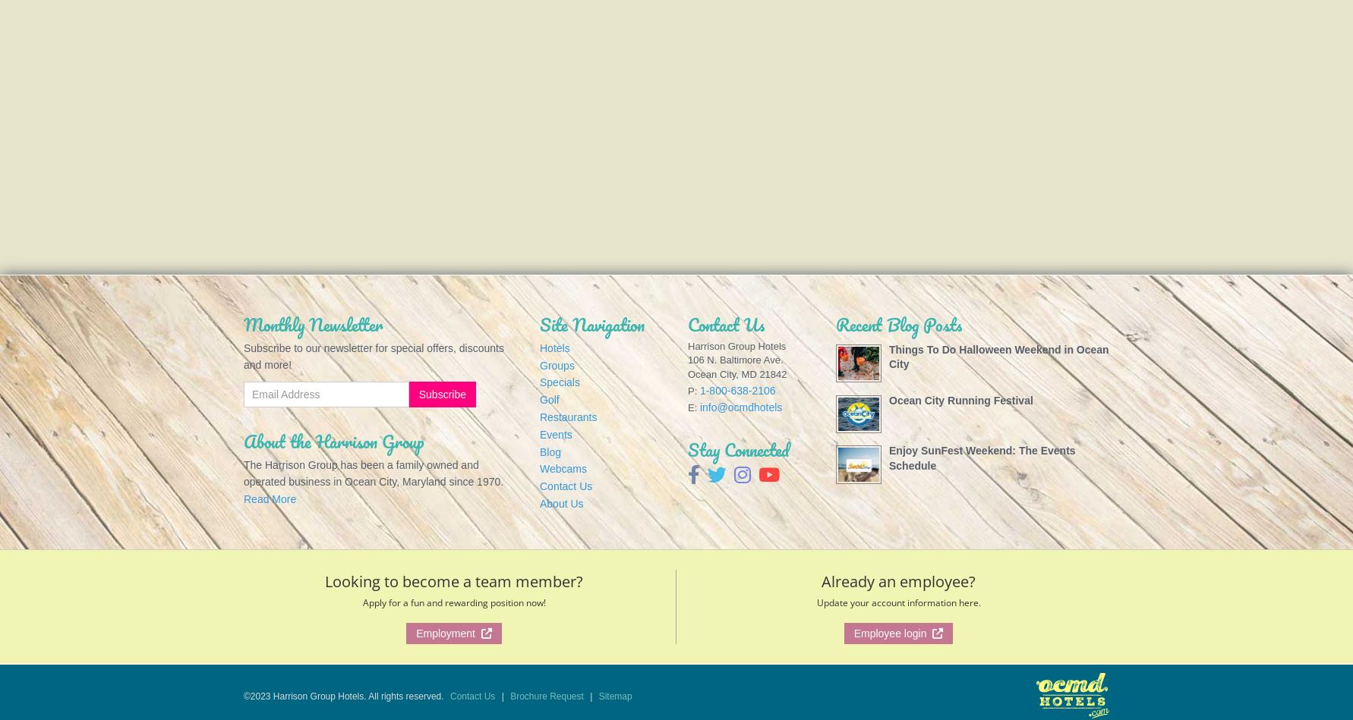 This screenshot has width=1353, height=720. I want to click on 'The Harrison Group has been a family owned and operated business in Ocean City, Maryland since 1970.', so click(373, 472).